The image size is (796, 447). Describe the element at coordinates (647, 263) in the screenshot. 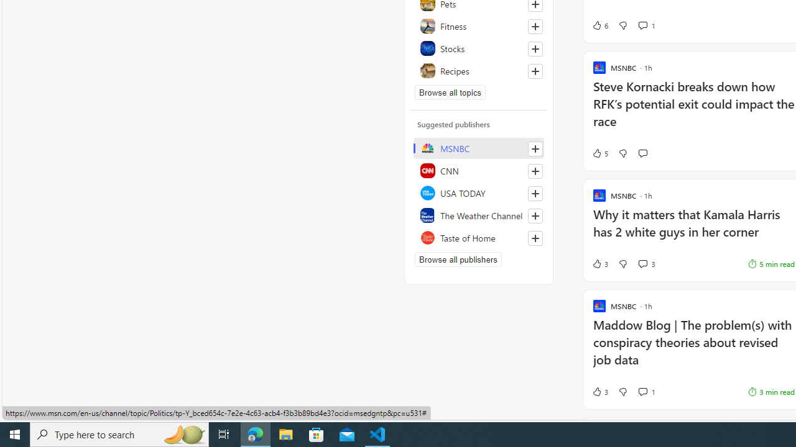

I see `'View comments 3 Comment'` at that location.